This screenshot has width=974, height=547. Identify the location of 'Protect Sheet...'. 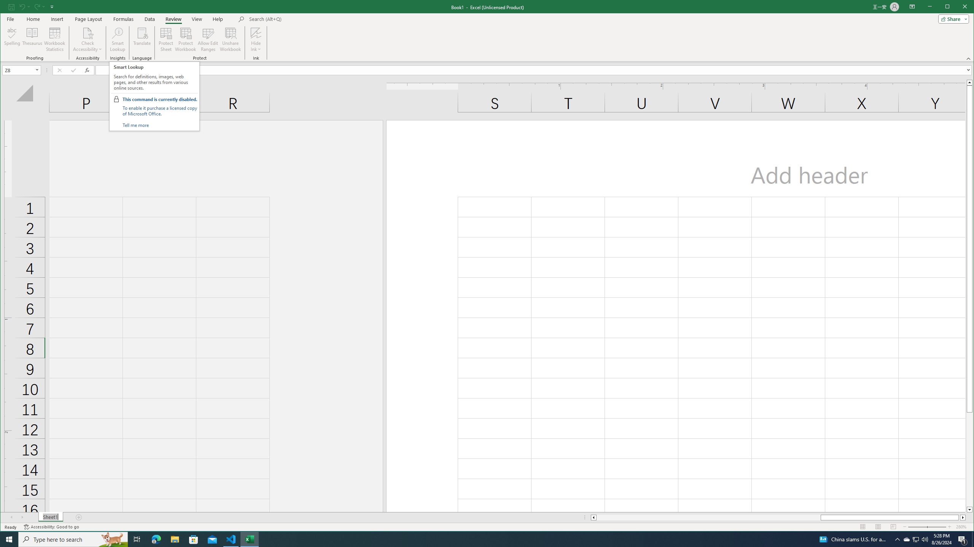
(166, 39).